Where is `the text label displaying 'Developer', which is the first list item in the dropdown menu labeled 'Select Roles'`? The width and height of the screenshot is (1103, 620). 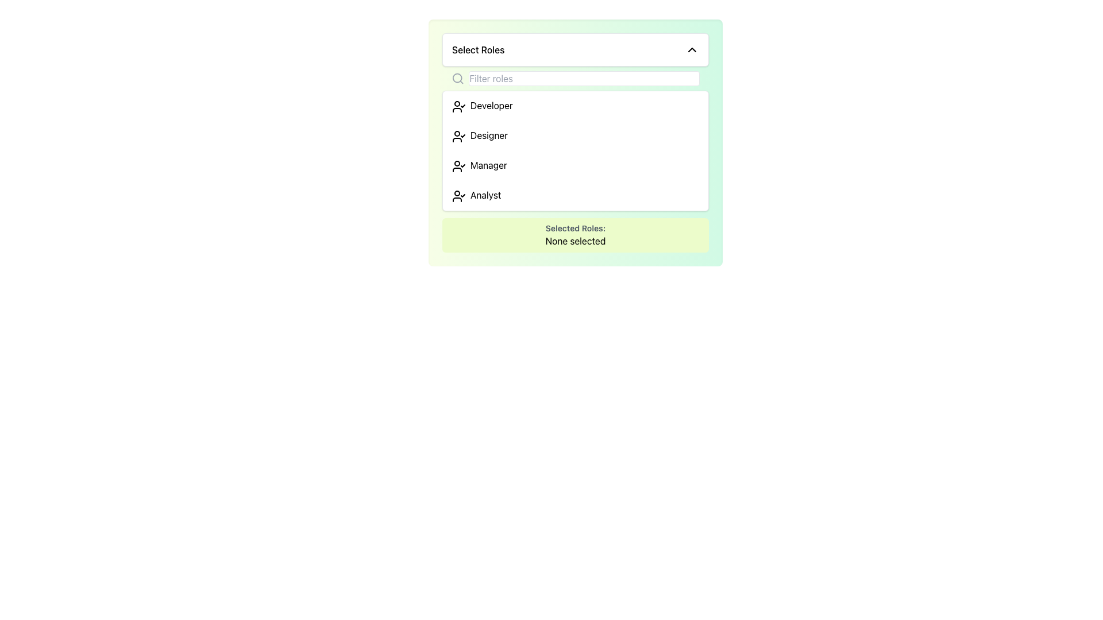
the text label displaying 'Developer', which is the first list item in the dropdown menu labeled 'Select Roles' is located at coordinates (482, 106).